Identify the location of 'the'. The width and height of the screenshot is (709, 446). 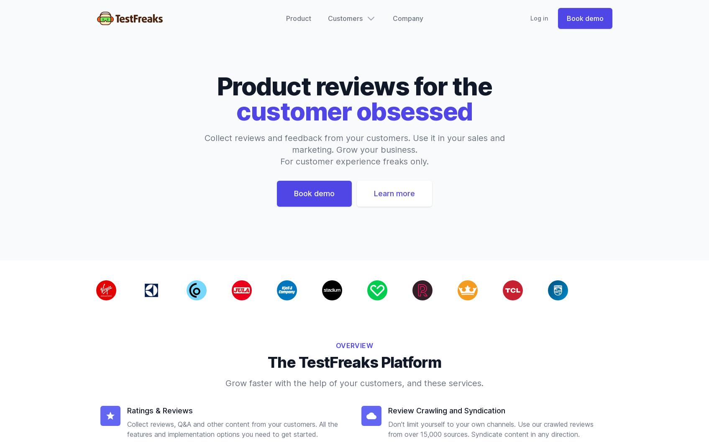
(471, 85).